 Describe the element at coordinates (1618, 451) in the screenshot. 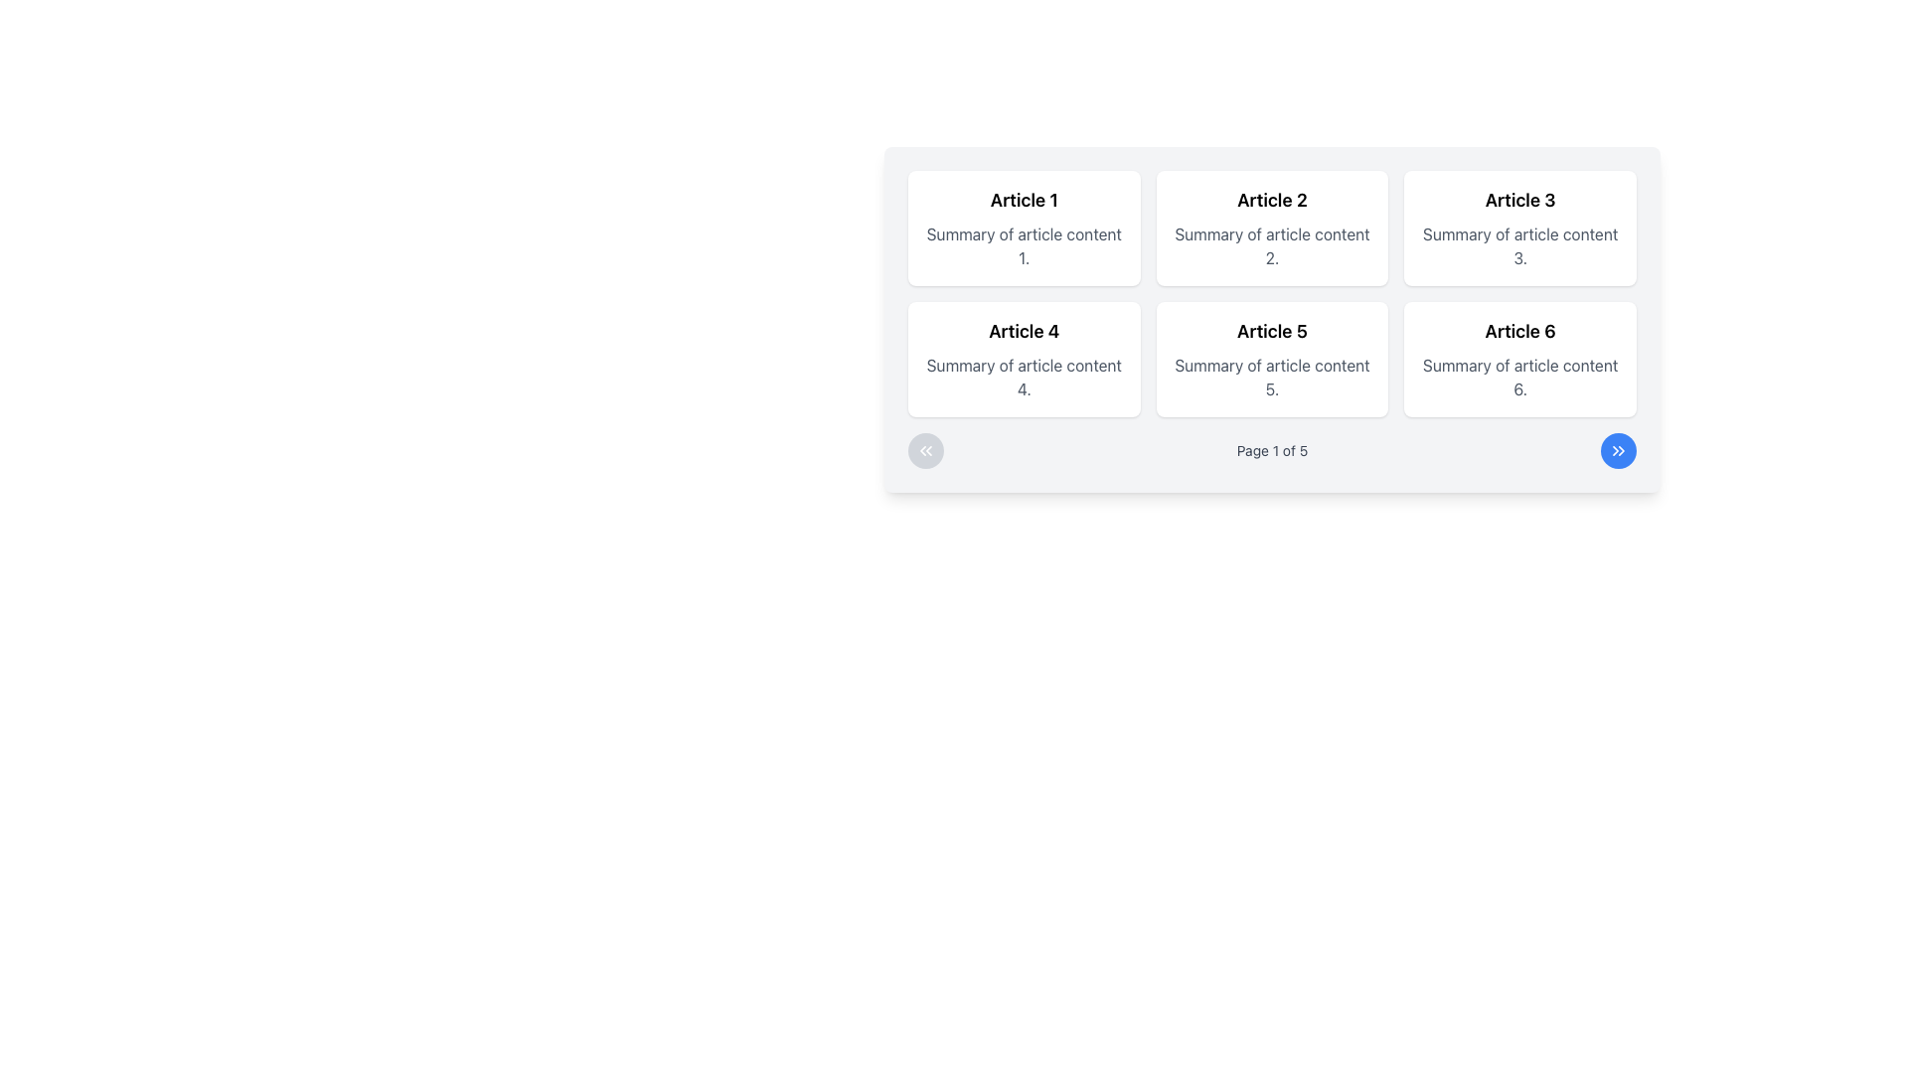

I see `the double-chevron icon button styled in blue and white located at the bottom-right corner of the interface, which is part of a panel containing paginated article previews` at that location.